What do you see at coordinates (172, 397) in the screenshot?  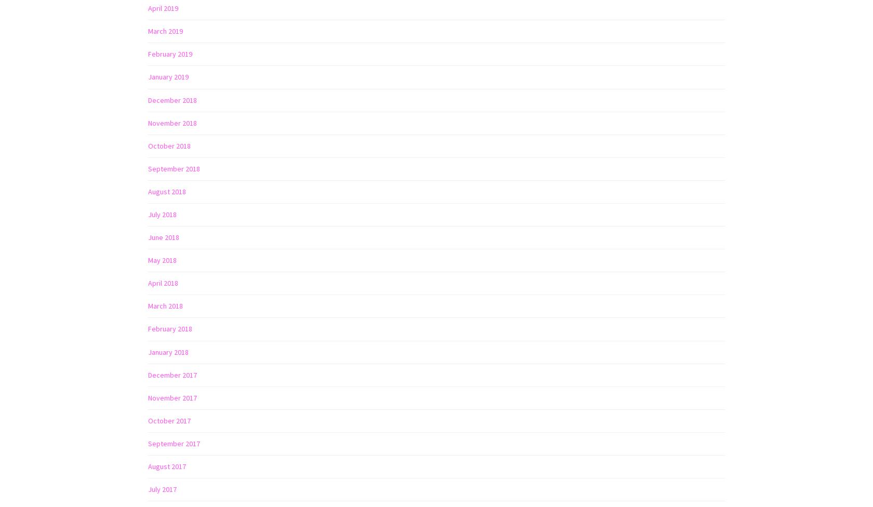 I see `'November 2017'` at bounding box center [172, 397].